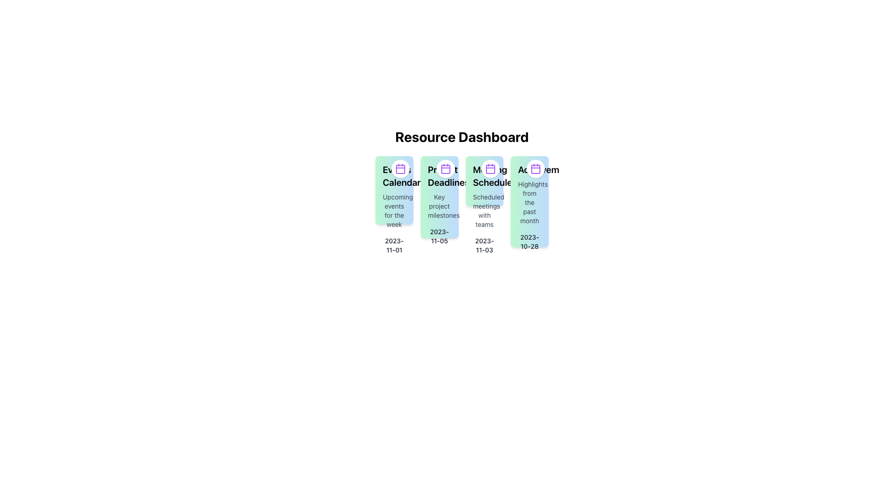 The image size is (877, 493). What do you see at coordinates (484, 181) in the screenshot?
I see `the third Informational card in the Resource Dashboard` at bounding box center [484, 181].